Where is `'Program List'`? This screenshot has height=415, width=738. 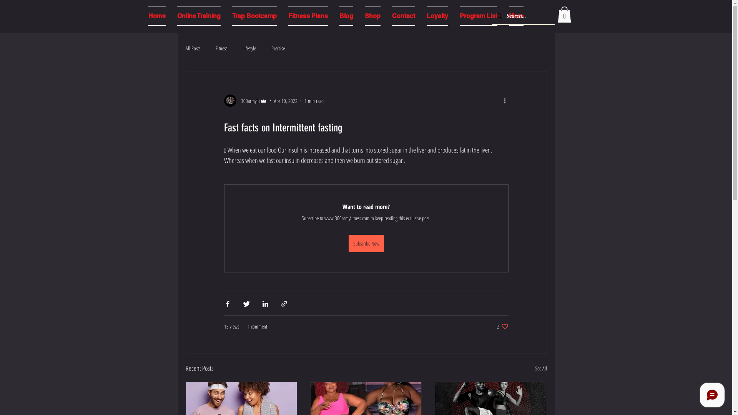
'Program List' is located at coordinates (477, 16).